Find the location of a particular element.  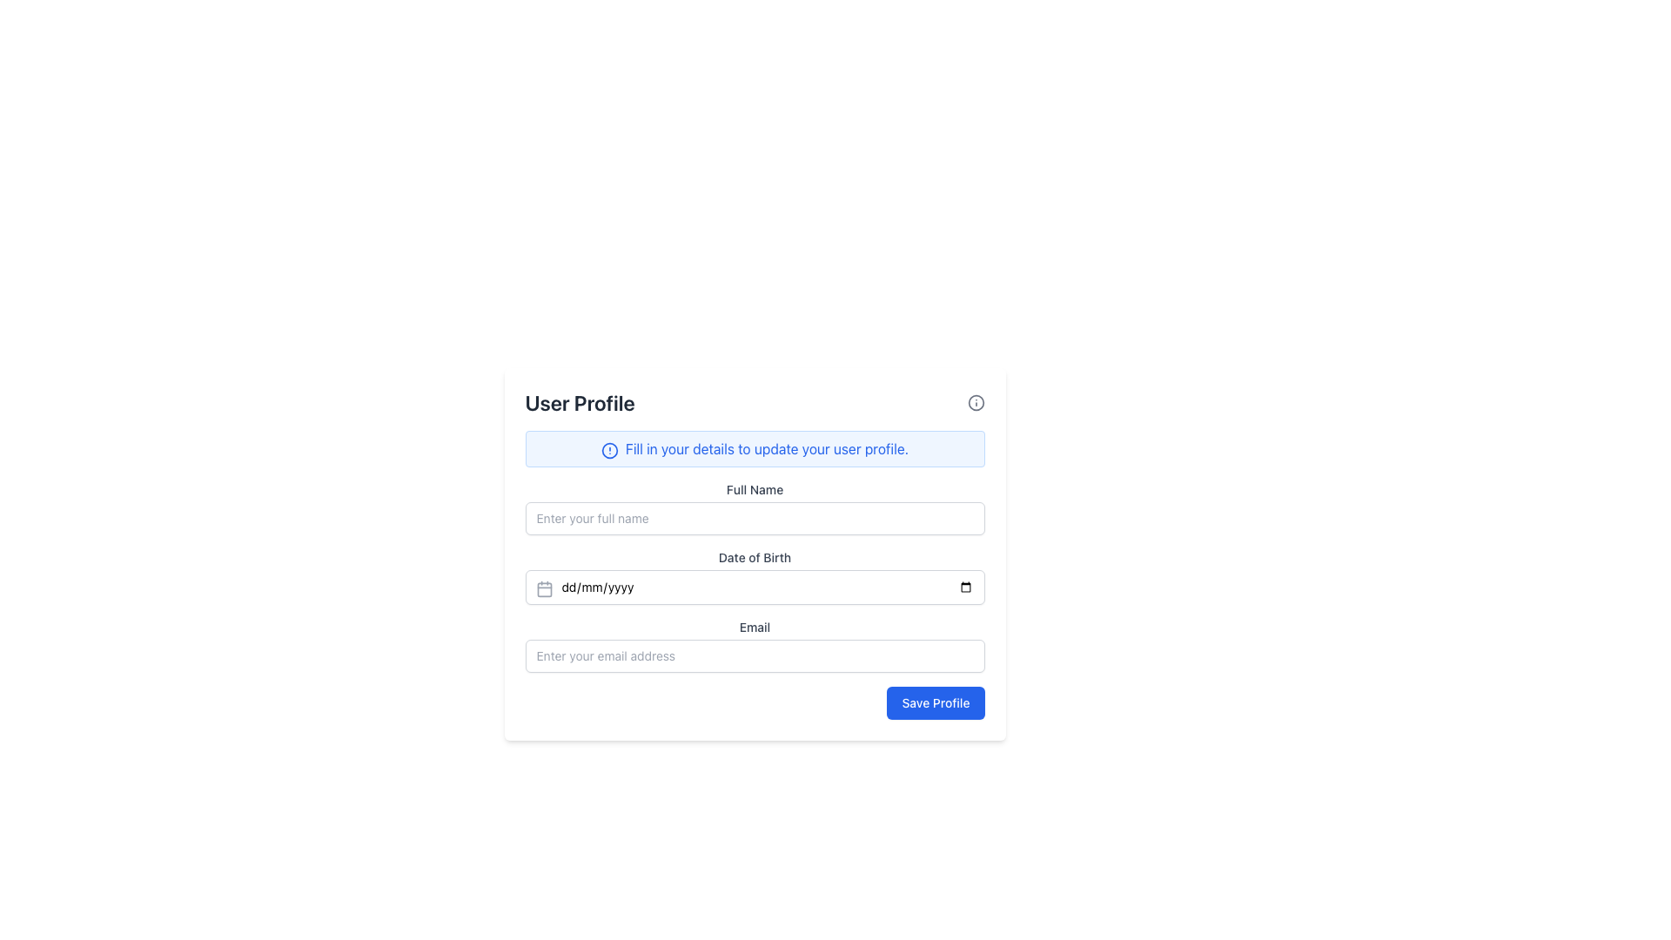

the calendar icon located to the left of the 'Date of Birth' input field in the 'User Profile' form is located at coordinates (543, 588).